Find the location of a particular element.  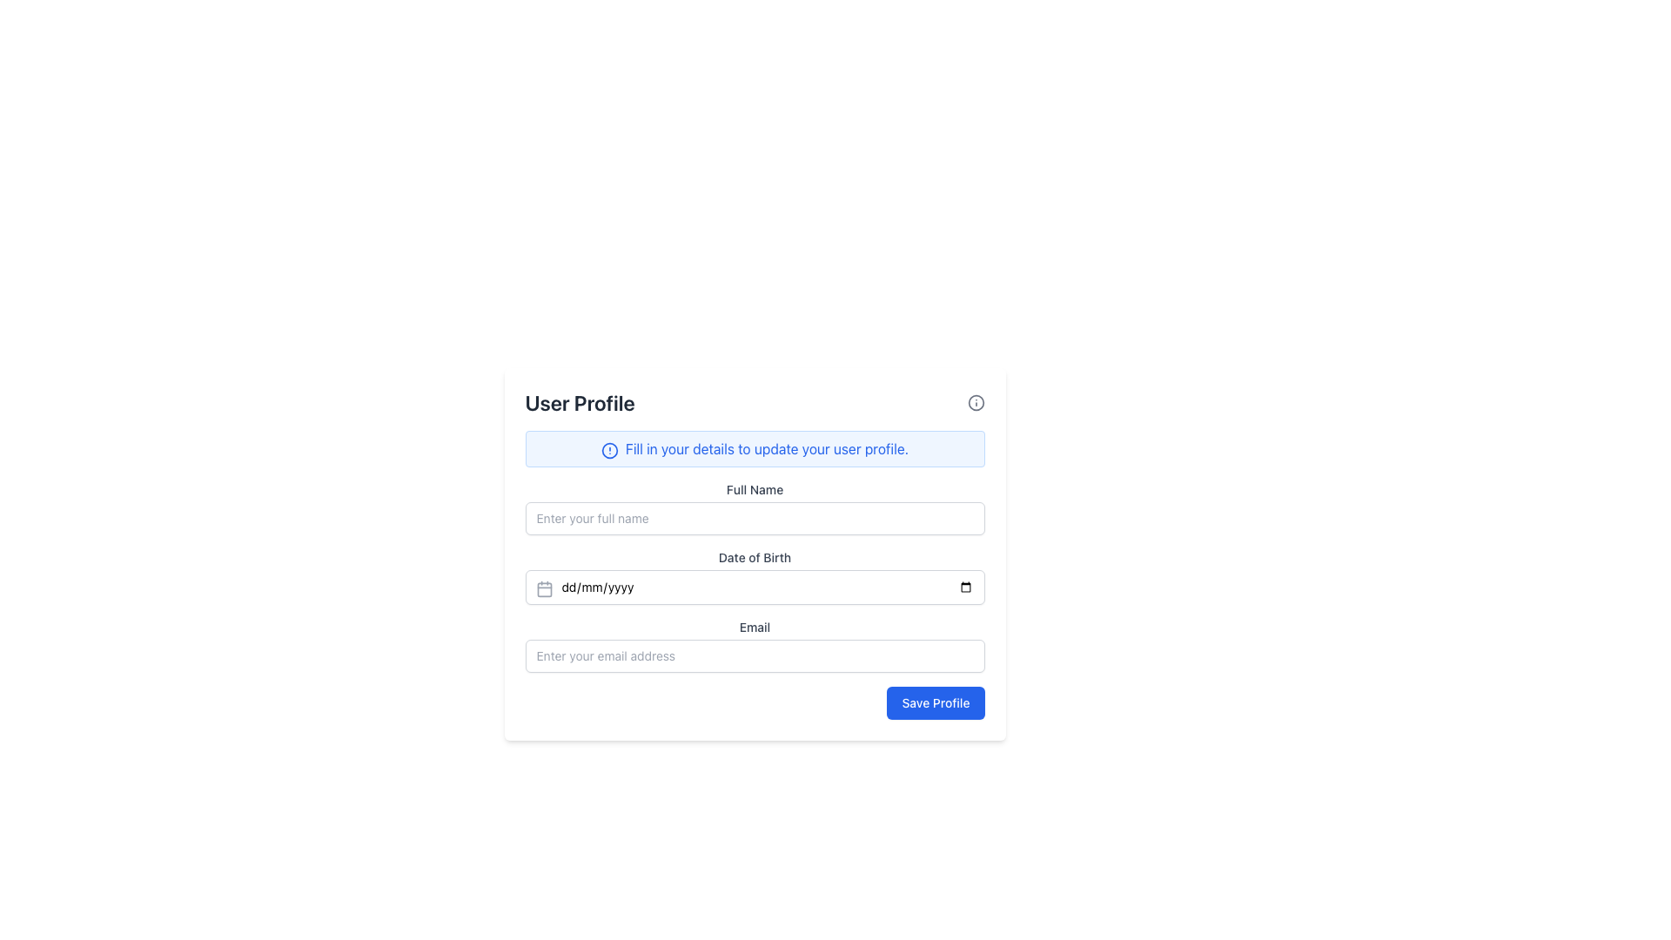

the calendar icon located to the left of the 'Date of Birth' input field in the 'User Profile' form is located at coordinates (543, 588).